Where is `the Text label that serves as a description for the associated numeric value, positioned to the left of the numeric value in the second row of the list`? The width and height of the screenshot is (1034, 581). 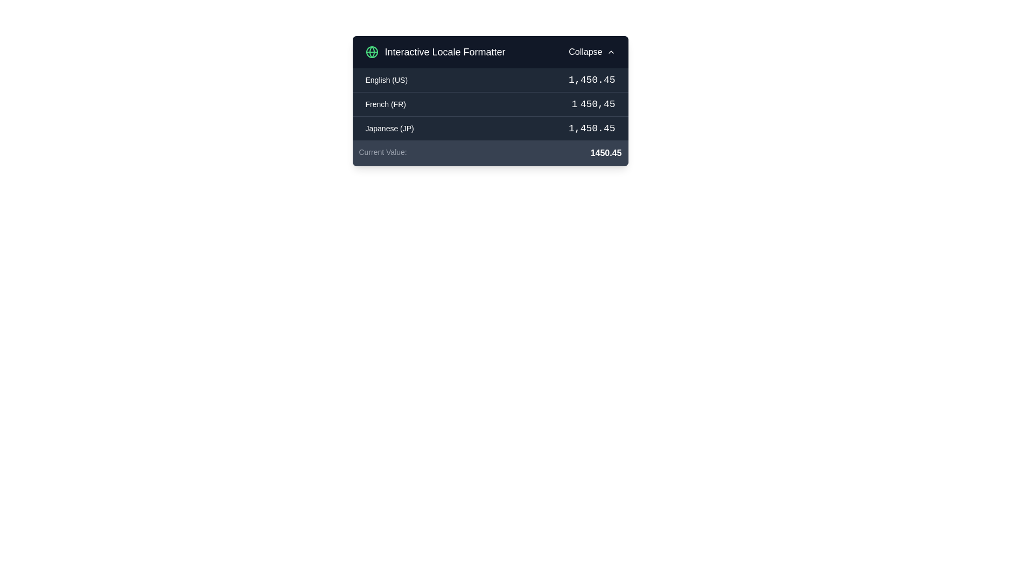
the Text label that serves as a description for the associated numeric value, positioned to the left of the numeric value in the second row of the list is located at coordinates (386, 104).